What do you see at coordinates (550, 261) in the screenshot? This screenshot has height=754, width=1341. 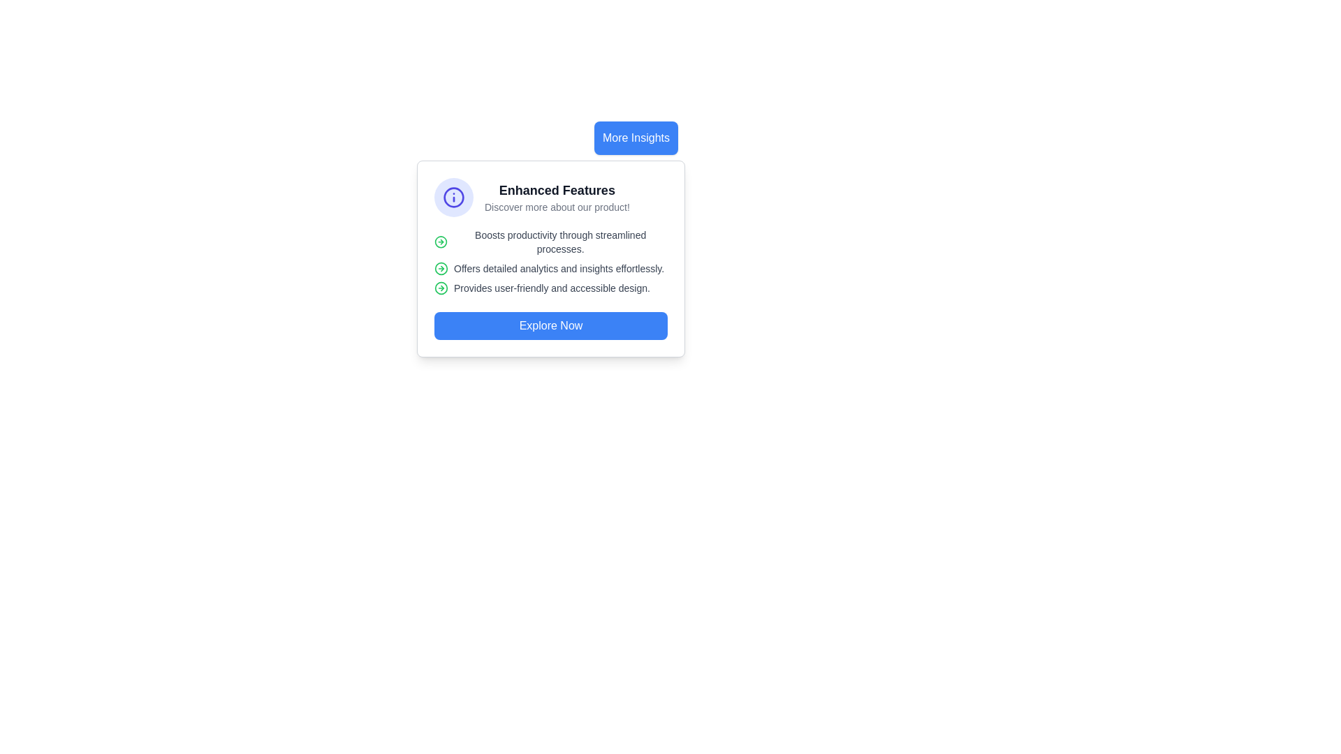 I see `information in the Text Block located below the heading 'Enhanced Features' and just above the blue button labeled 'Explore Now'` at bounding box center [550, 261].